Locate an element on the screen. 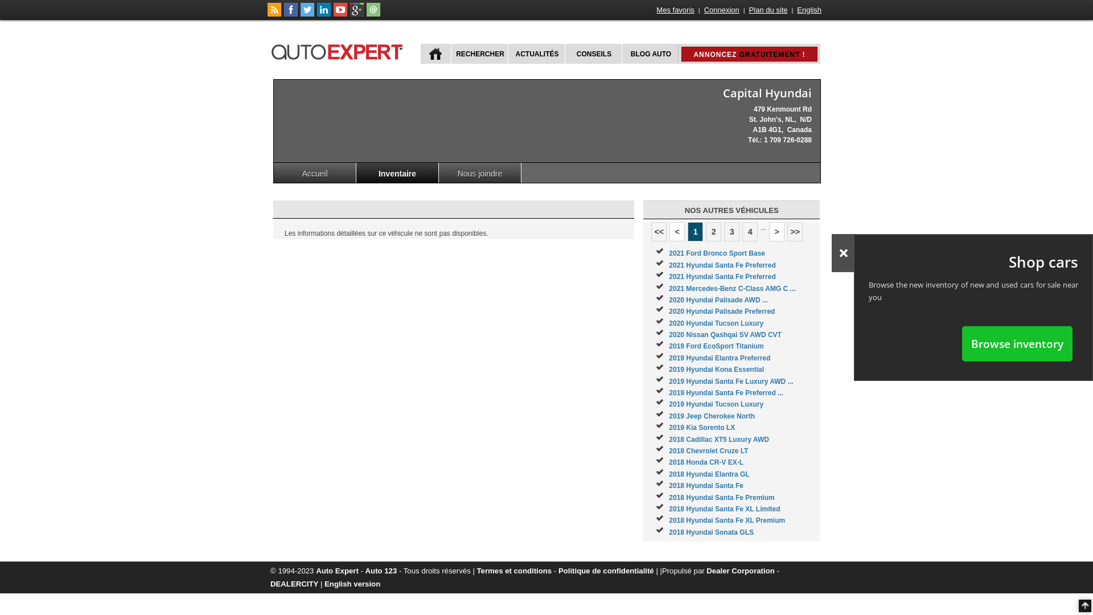 This screenshot has height=615, width=1093. '2021 Mercedes-Benz C-Class AMG C ...' is located at coordinates (732, 288).